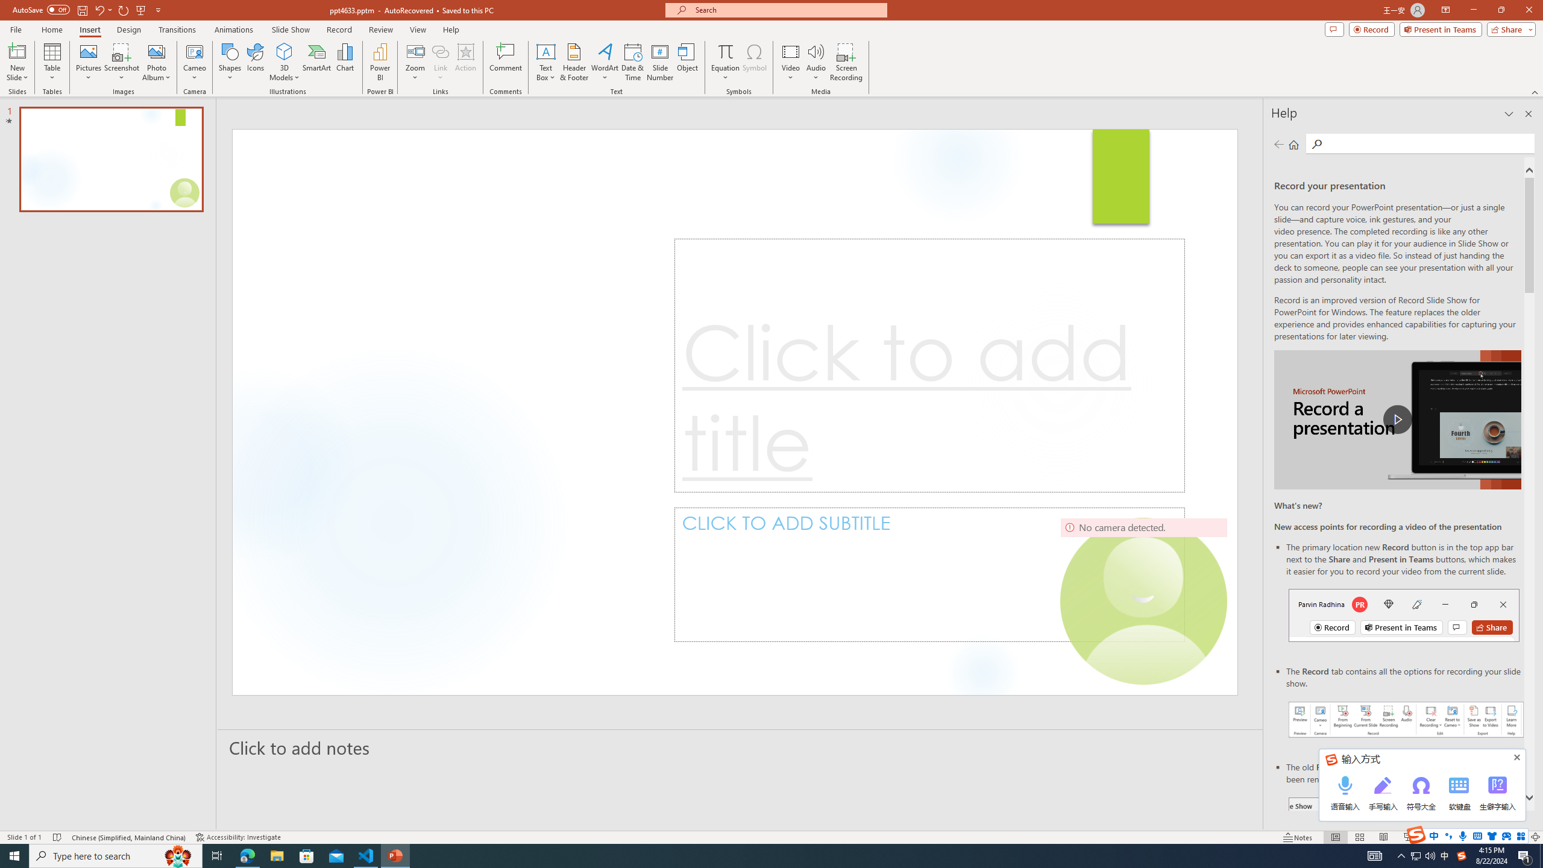 This screenshot has width=1543, height=868. I want to click on 'Table', so click(52, 62).